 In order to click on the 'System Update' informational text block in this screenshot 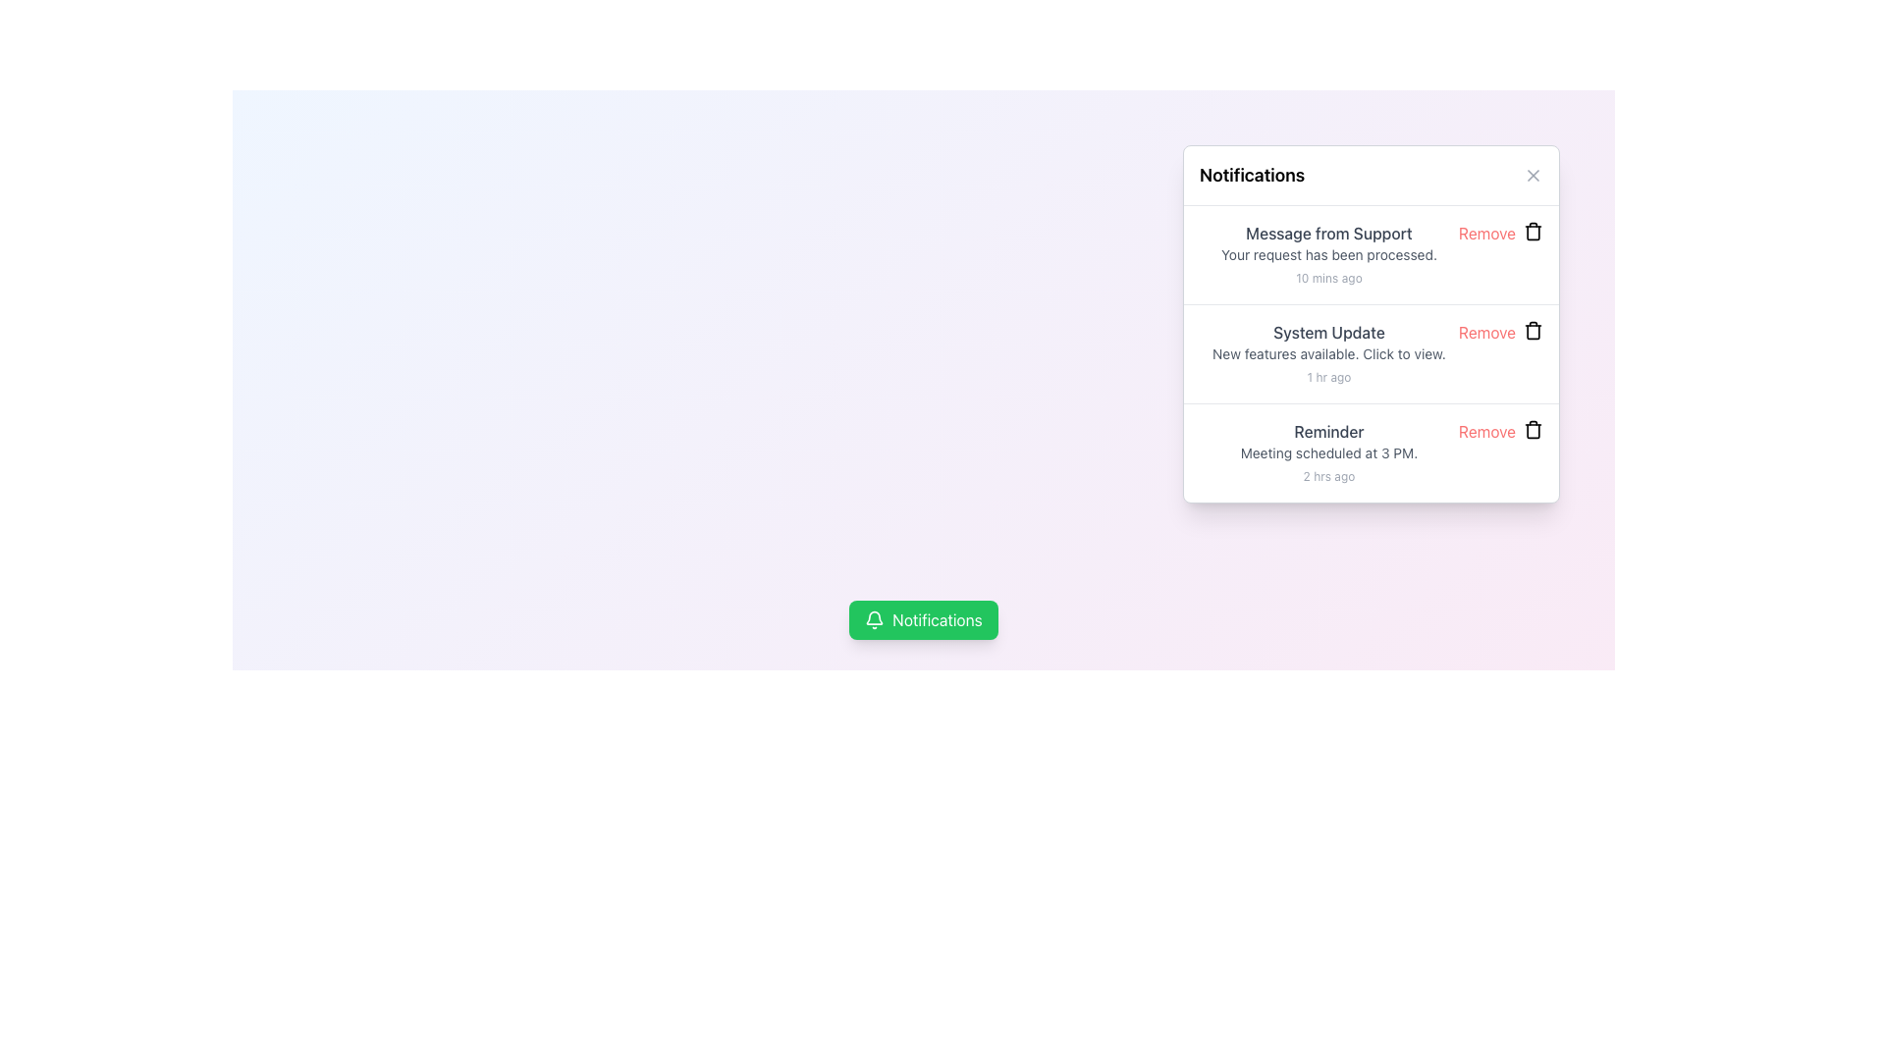, I will do `click(1328, 354)`.